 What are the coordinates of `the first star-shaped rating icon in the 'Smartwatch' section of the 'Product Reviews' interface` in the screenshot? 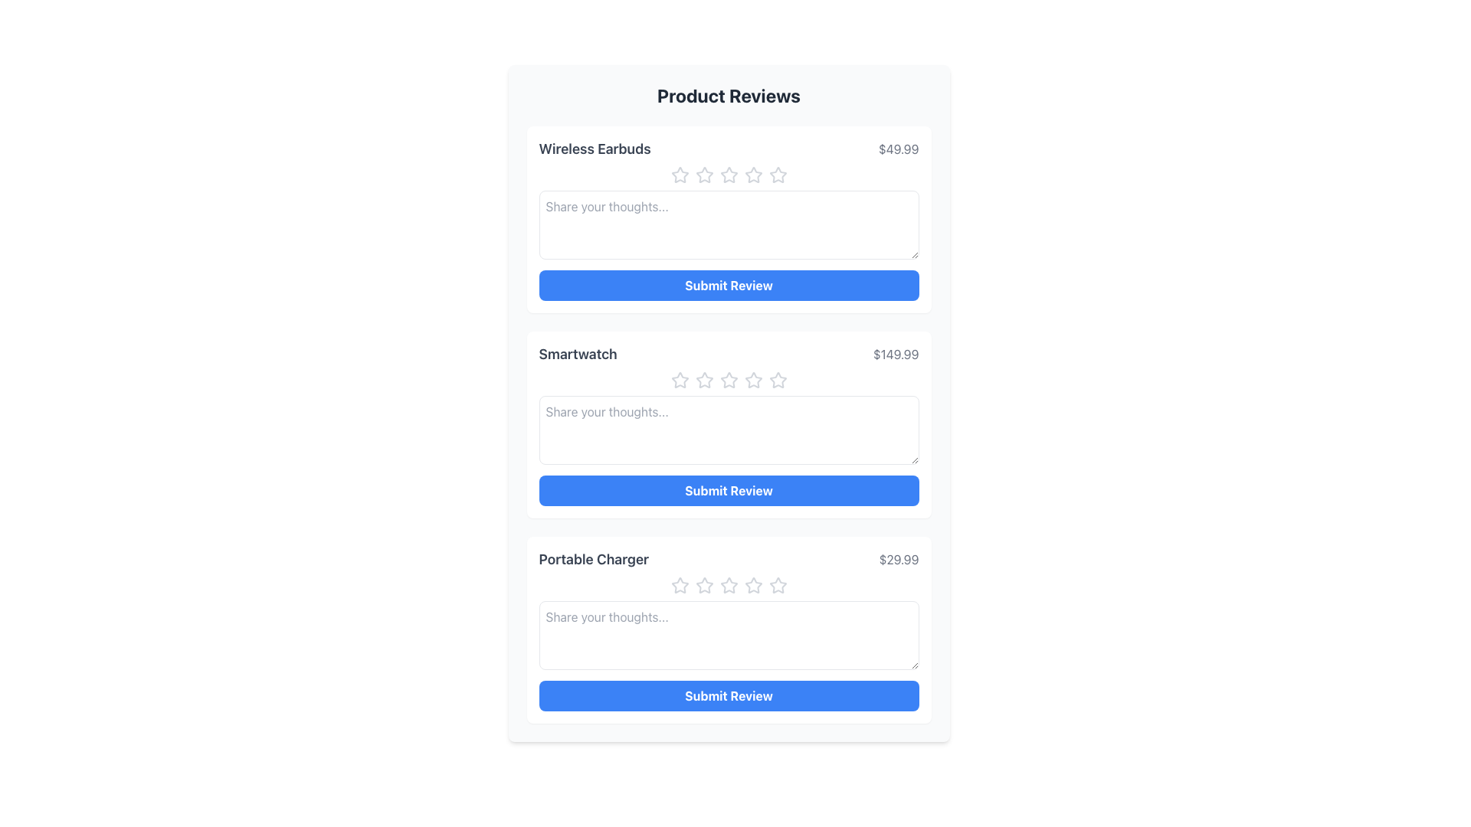 It's located at (679, 380).